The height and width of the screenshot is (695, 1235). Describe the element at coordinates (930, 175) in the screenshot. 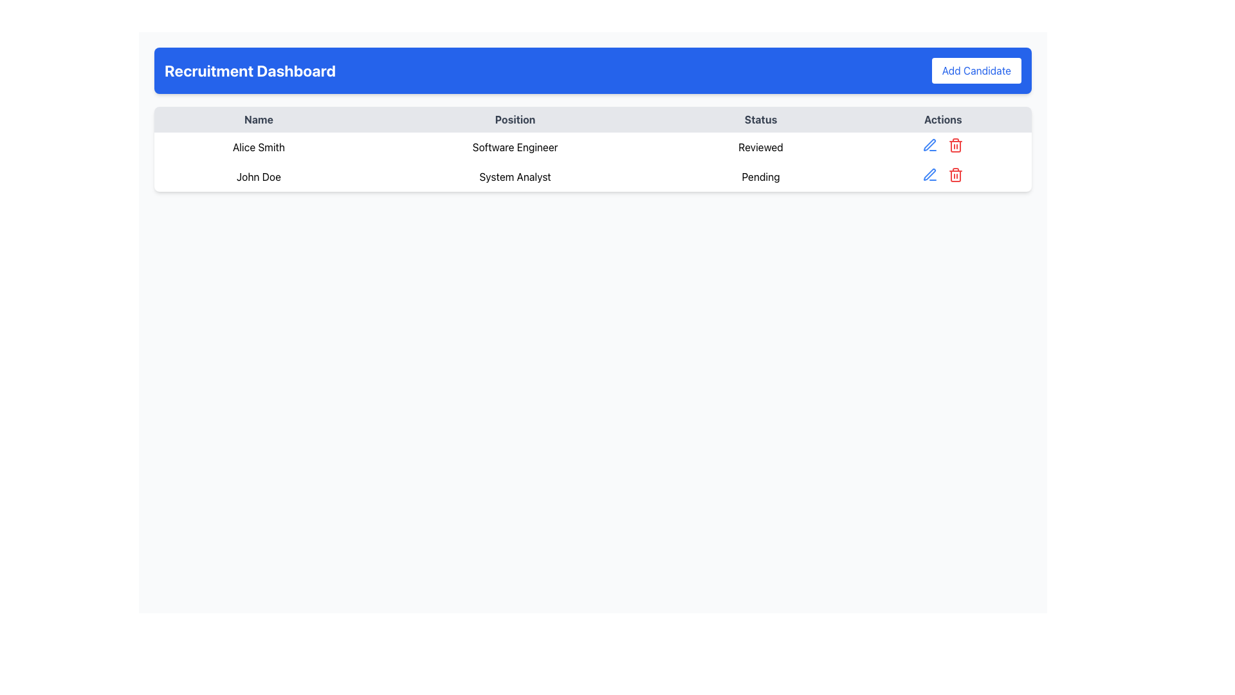

I see `the pen icon button located in the actions column of the second row of the table, which is adjacent to the red trash can icon` at that location.